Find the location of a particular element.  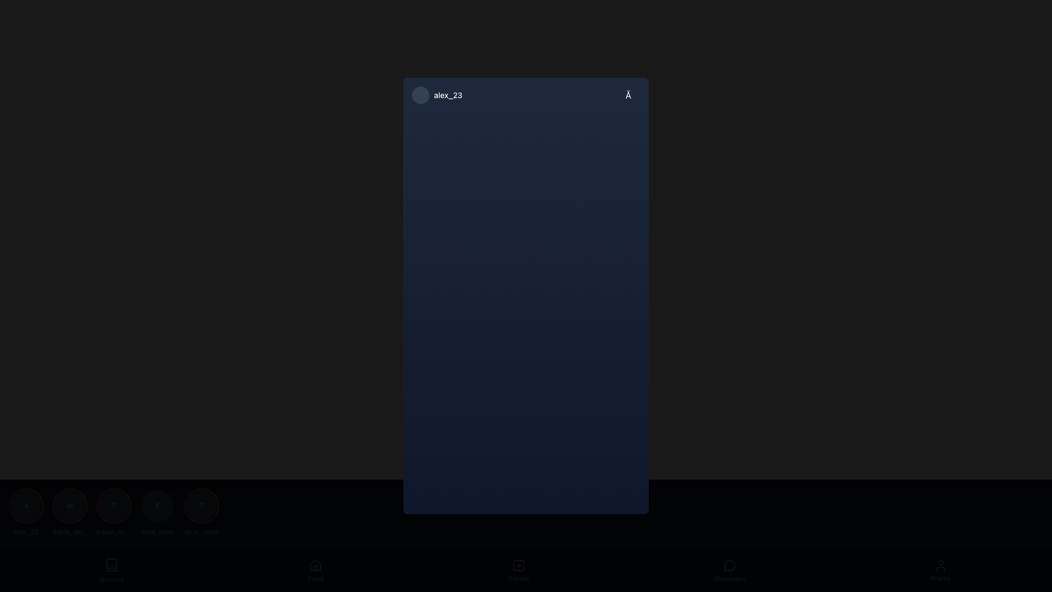

the book icon button located in the navigation bar at the bottom of the interface is located at coordinates (112, 565).